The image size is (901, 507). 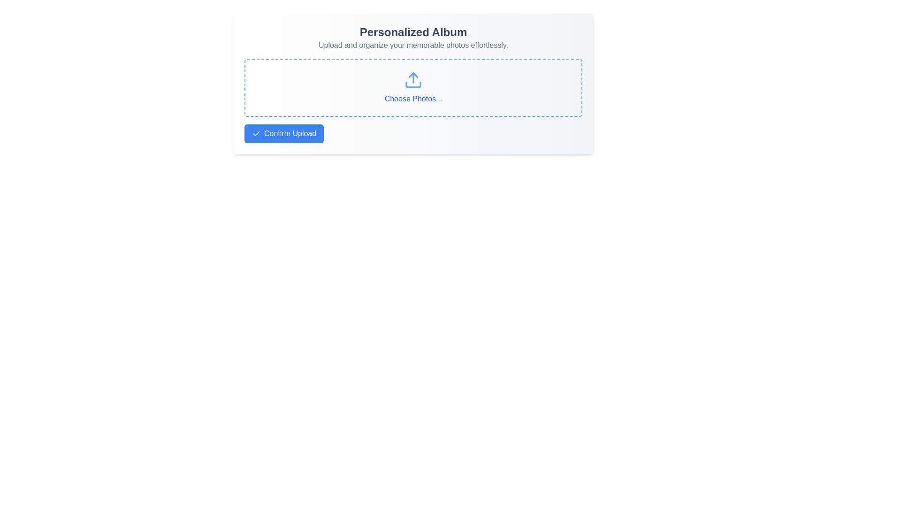 What do you see at coordinates (413, 45) in the screenshot?
I see `the informative text label that provides guidance about photo uploading, located beneath the heading 'Personalized Album'` at bounding box center [413, 45].